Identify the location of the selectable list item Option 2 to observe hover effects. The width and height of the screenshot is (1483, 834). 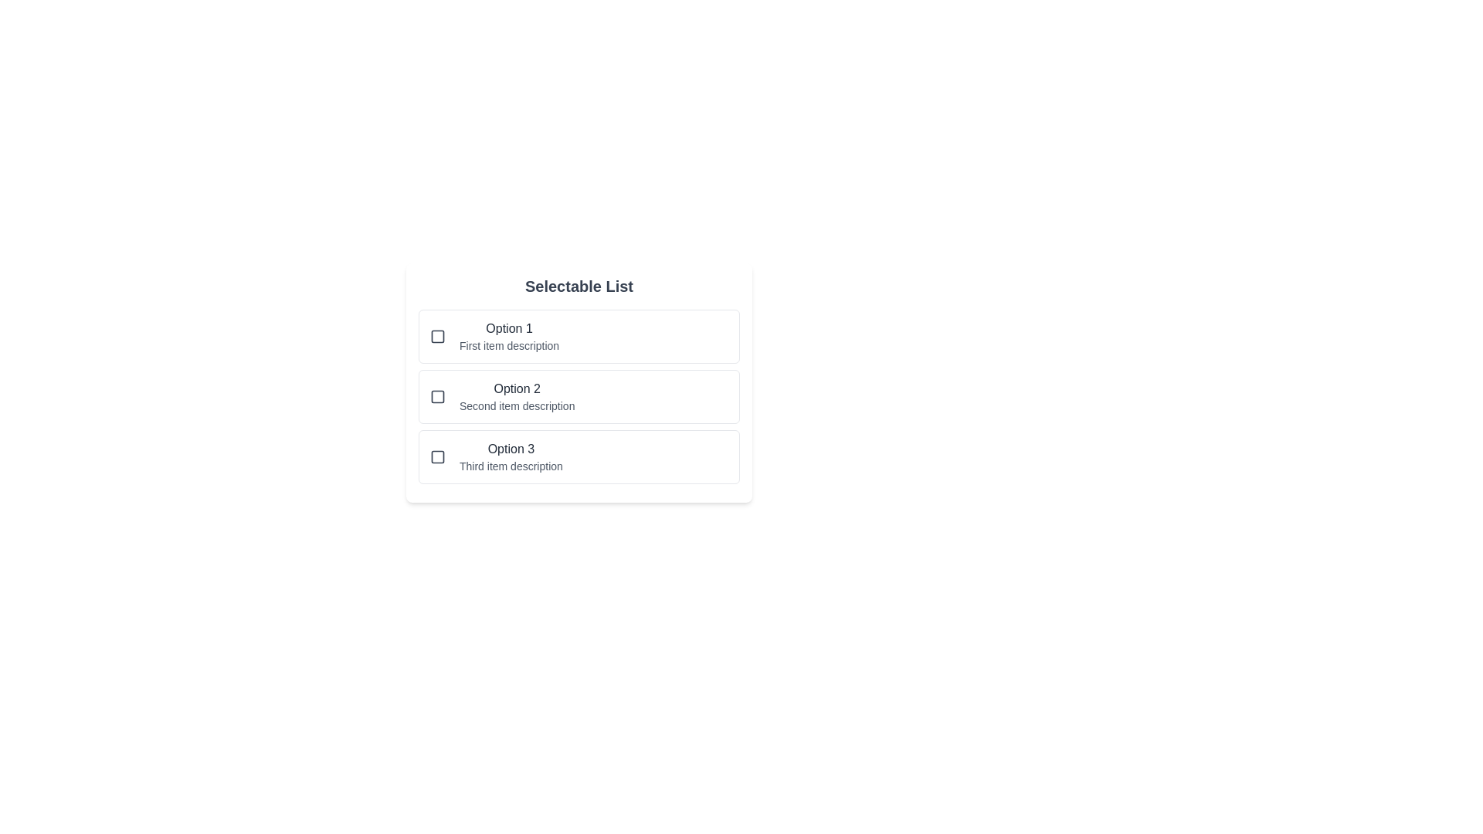
(578, 395).